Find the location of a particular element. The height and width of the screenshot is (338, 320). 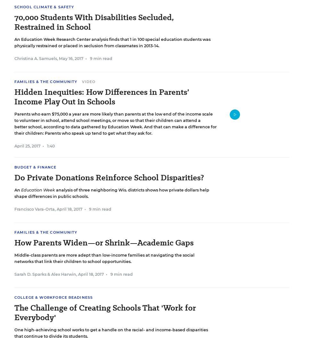

'EdWeek Top School Jobs' is located at coordinates (51, 11).